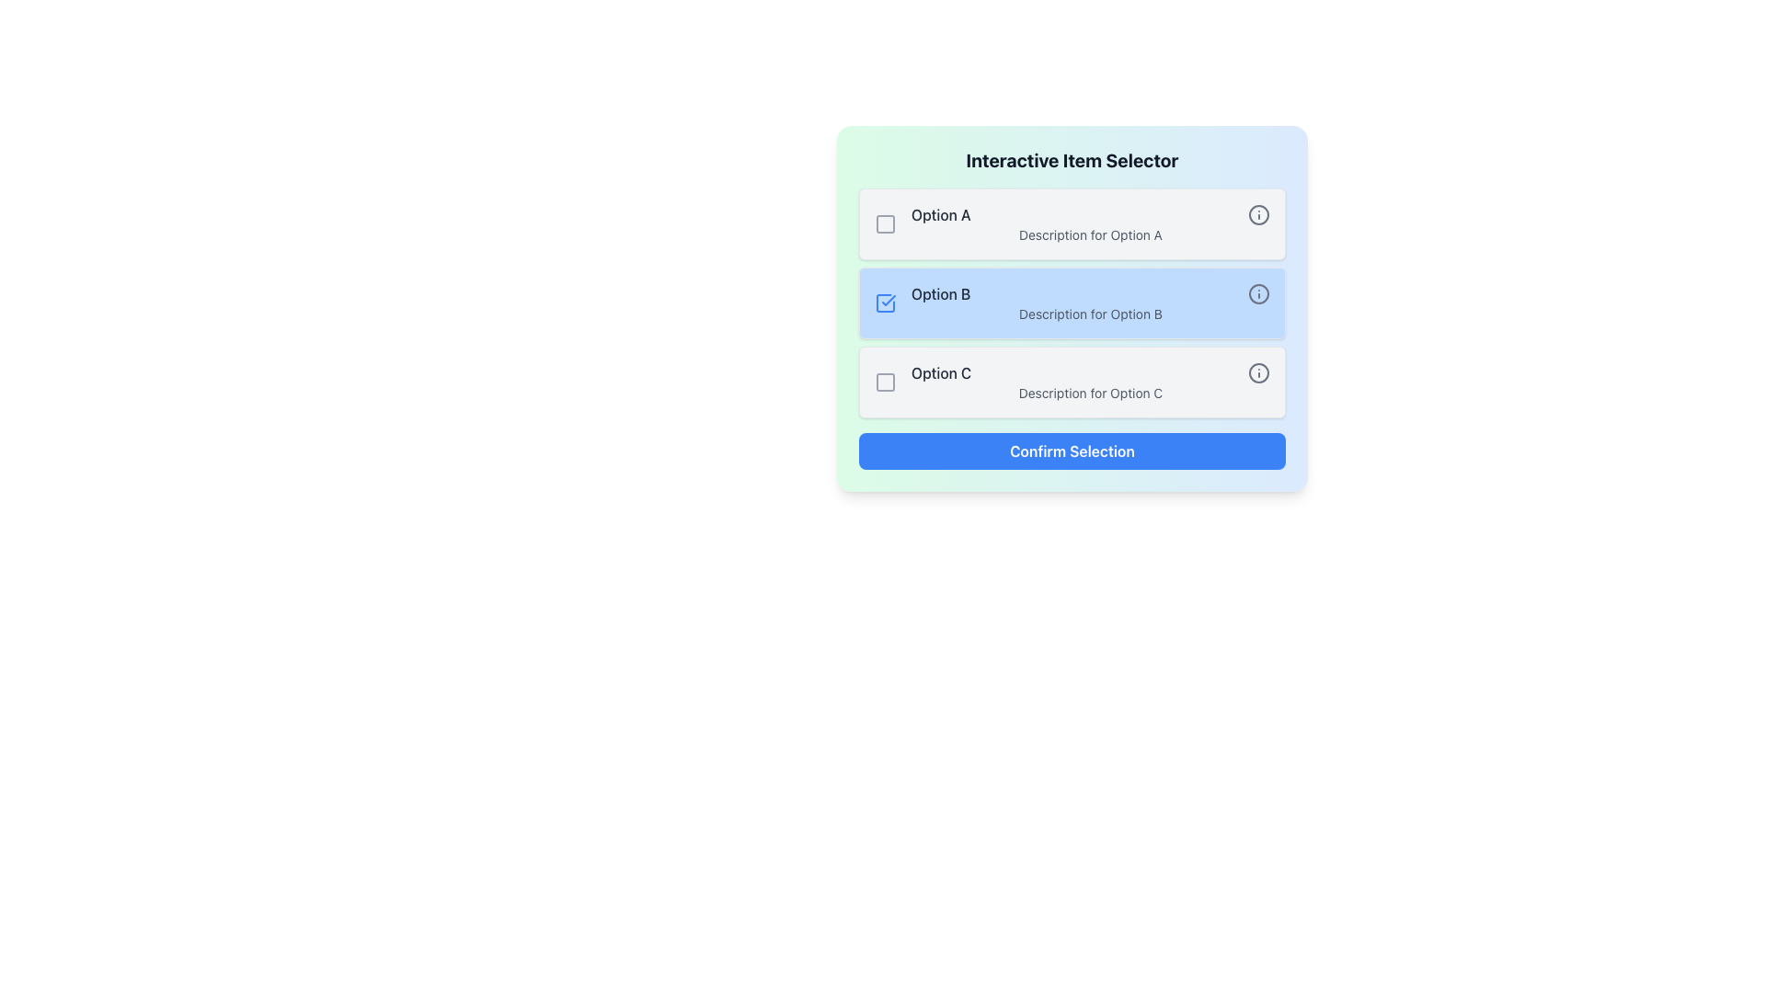  Describe the element at coordinates (941, 214) in the screenshot. I see `the Text Label that serves as the title for the first selectable option in the interface, located between a checkbox and an info button` at that location.